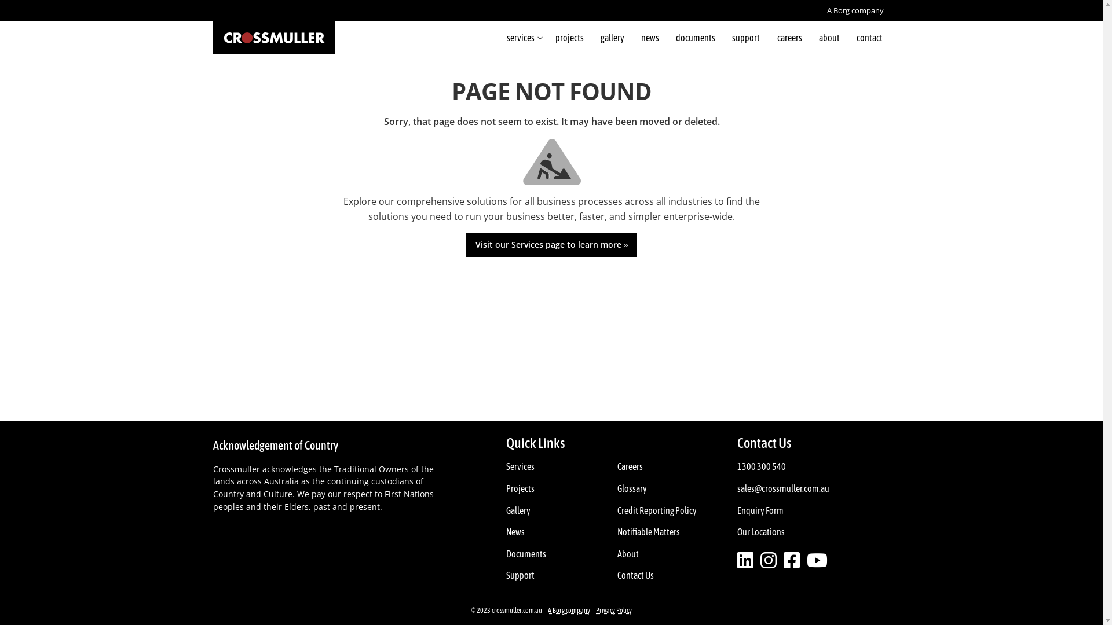 The image size is (1112, 625). What do you see at coordinates (817, 560) in the screenshot?
I see `'Crossmuller's Facebook Profile'` at bounding box center [817, 560].